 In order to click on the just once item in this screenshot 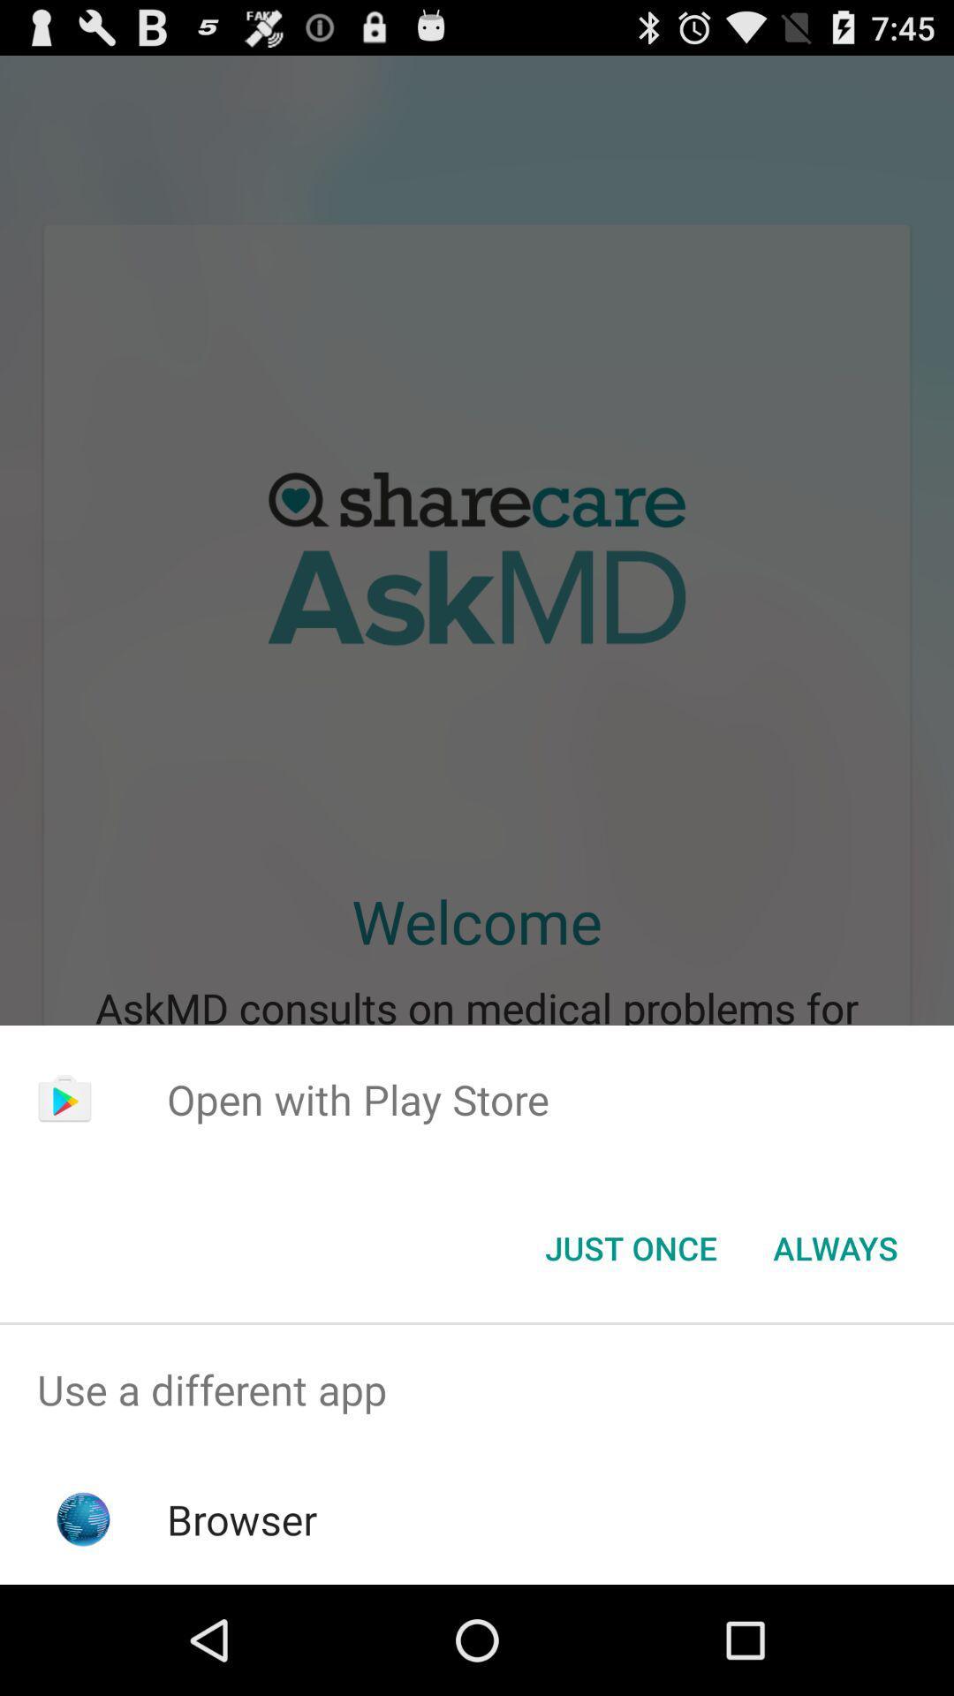, I will do `click(630, 1246)`.